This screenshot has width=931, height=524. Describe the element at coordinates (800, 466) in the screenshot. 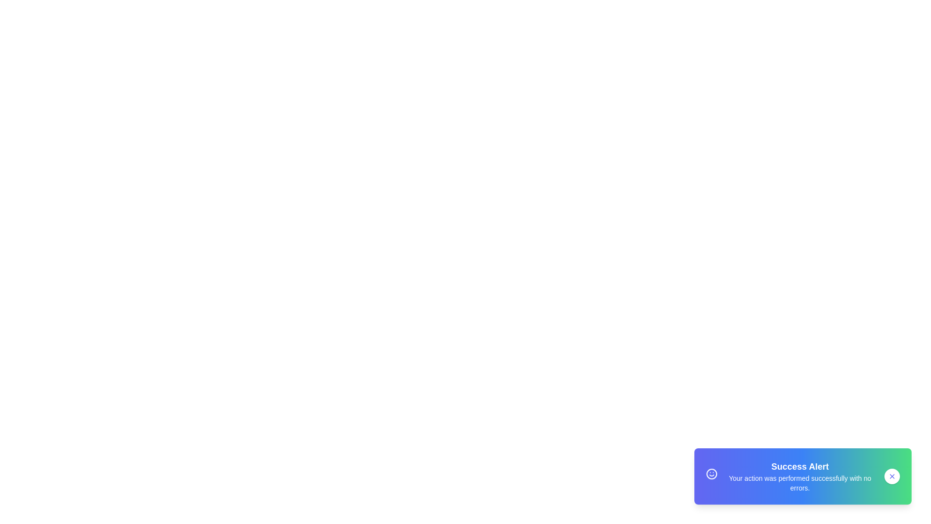

I see `the title text of the snackbar to select it` at that location.